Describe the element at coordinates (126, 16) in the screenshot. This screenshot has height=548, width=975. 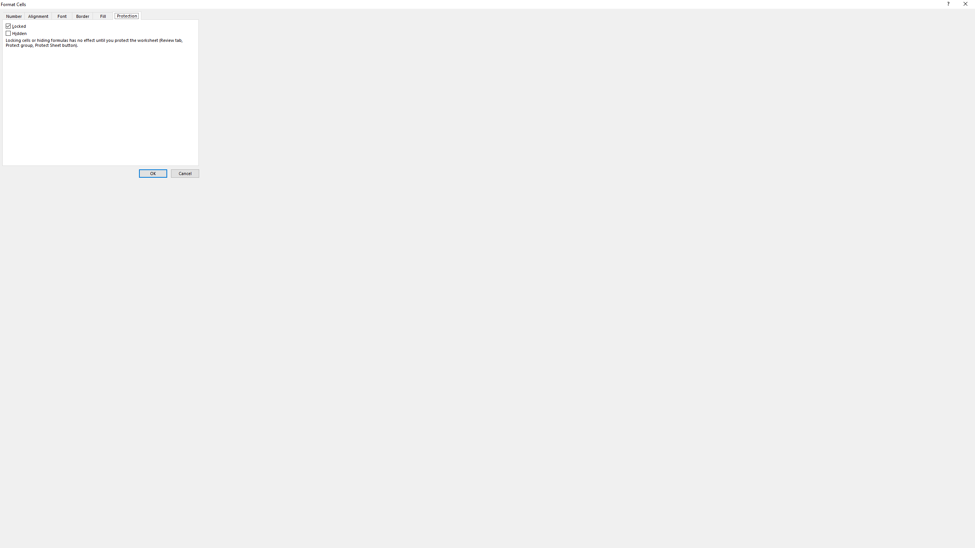
I see `'Protection'` at that location.